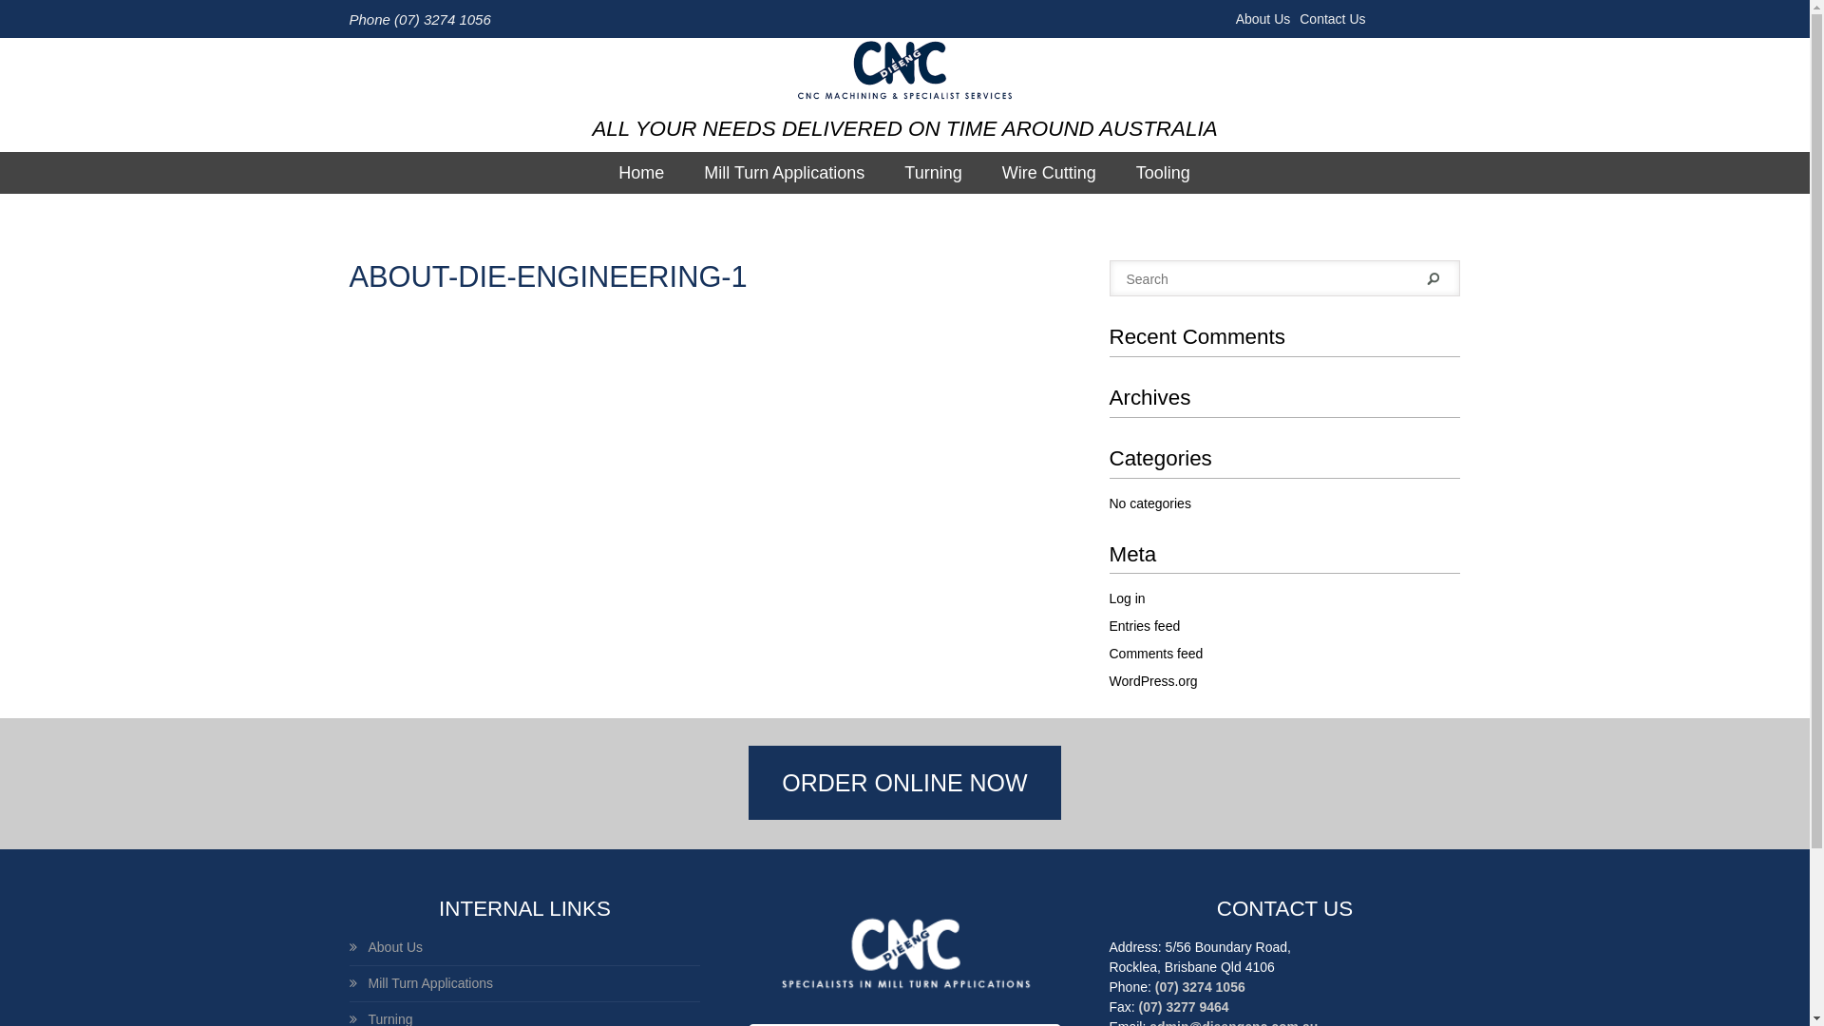 The image size is (1824, 1026). What do you see at coordinates (1048, 172) in the screenshot?
I see `'Wire Cutting'` at bounding box center [1048, 172].